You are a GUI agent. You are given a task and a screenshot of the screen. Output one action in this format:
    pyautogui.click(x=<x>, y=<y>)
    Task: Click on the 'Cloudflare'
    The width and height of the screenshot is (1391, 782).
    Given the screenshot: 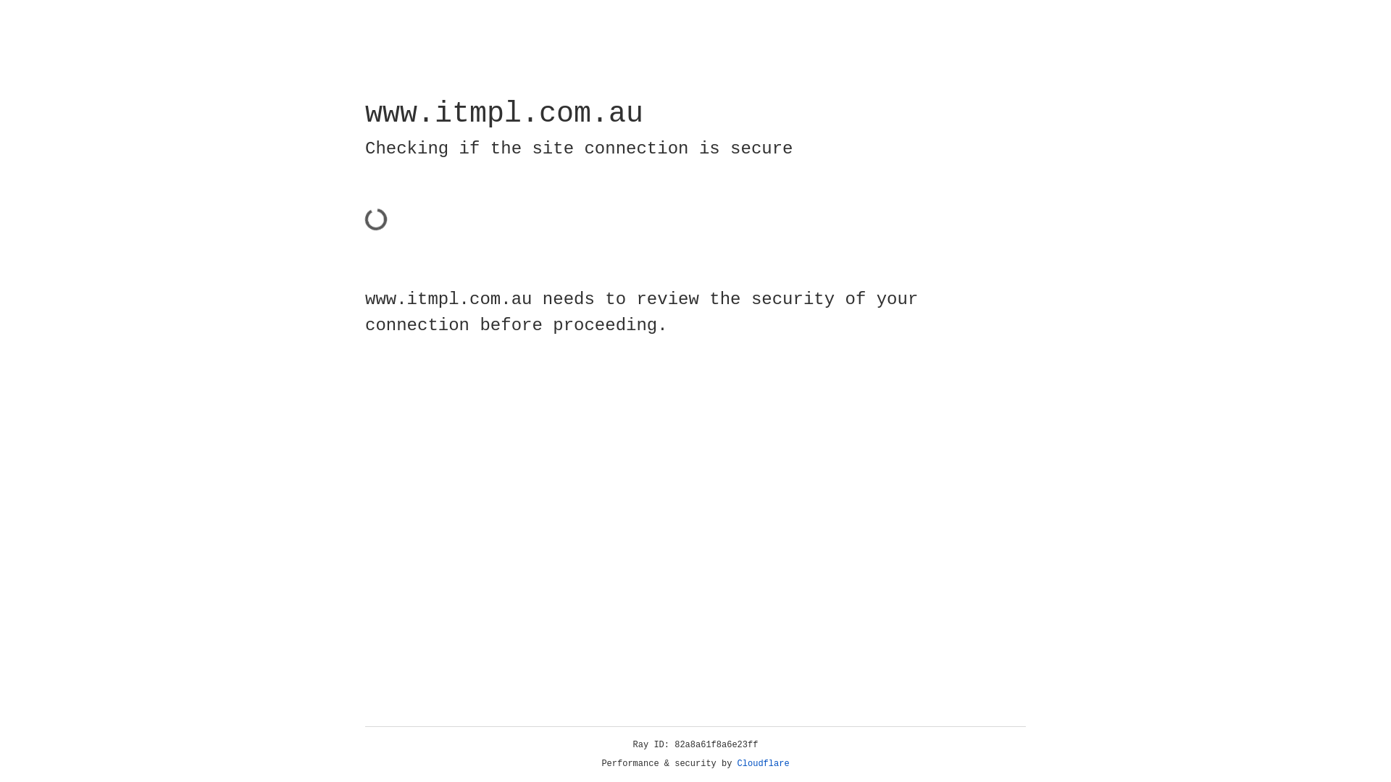 What is the action you would take?
    pyautogui.click(x=737, y=763)
    